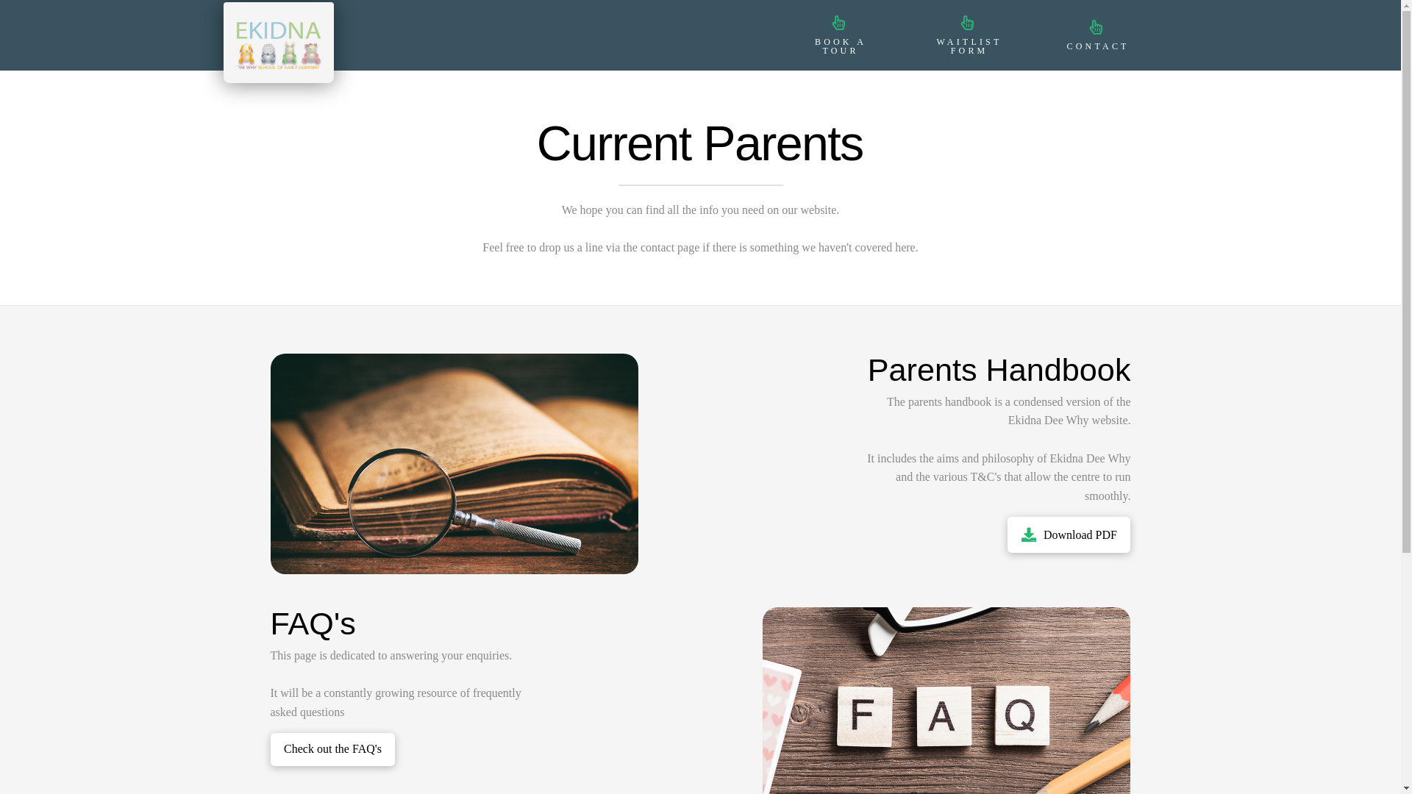 This screenshot has width=1412, height=794. What do you see at coordinates (1069, 534) in the screenshot?
I see `'Download PDF'` at bounding box center [1069, 534].